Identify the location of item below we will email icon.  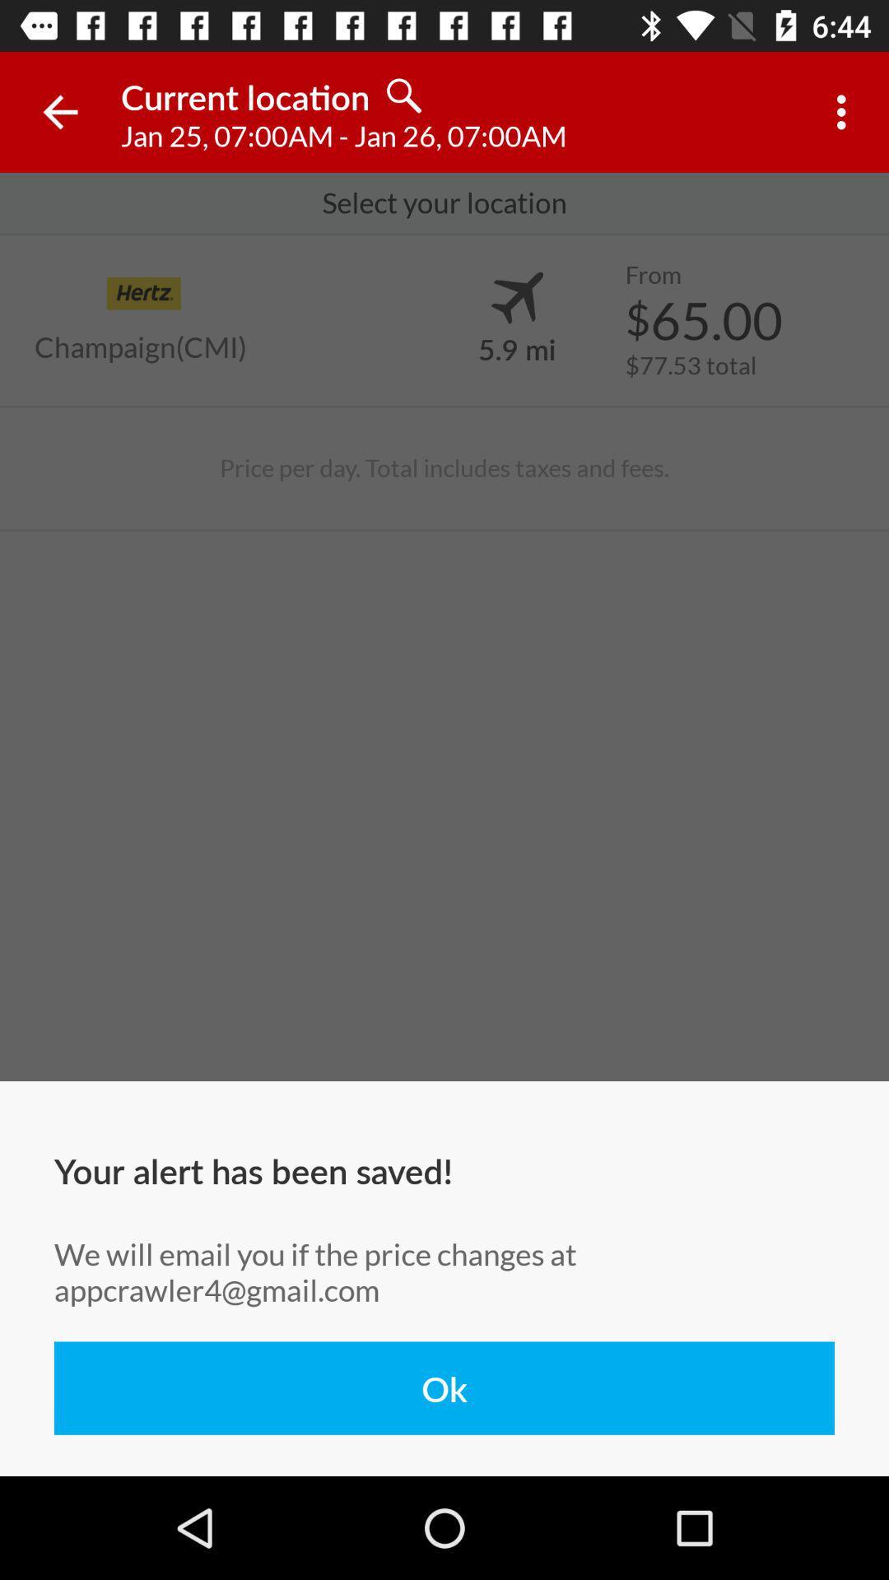
(444, 1387).